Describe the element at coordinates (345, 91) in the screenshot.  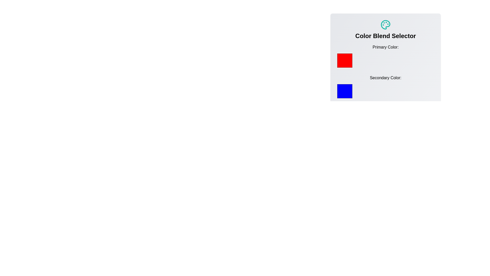
I see `the Color input box for the secondary color in the 'Color Blend Selector' interface` at that location.